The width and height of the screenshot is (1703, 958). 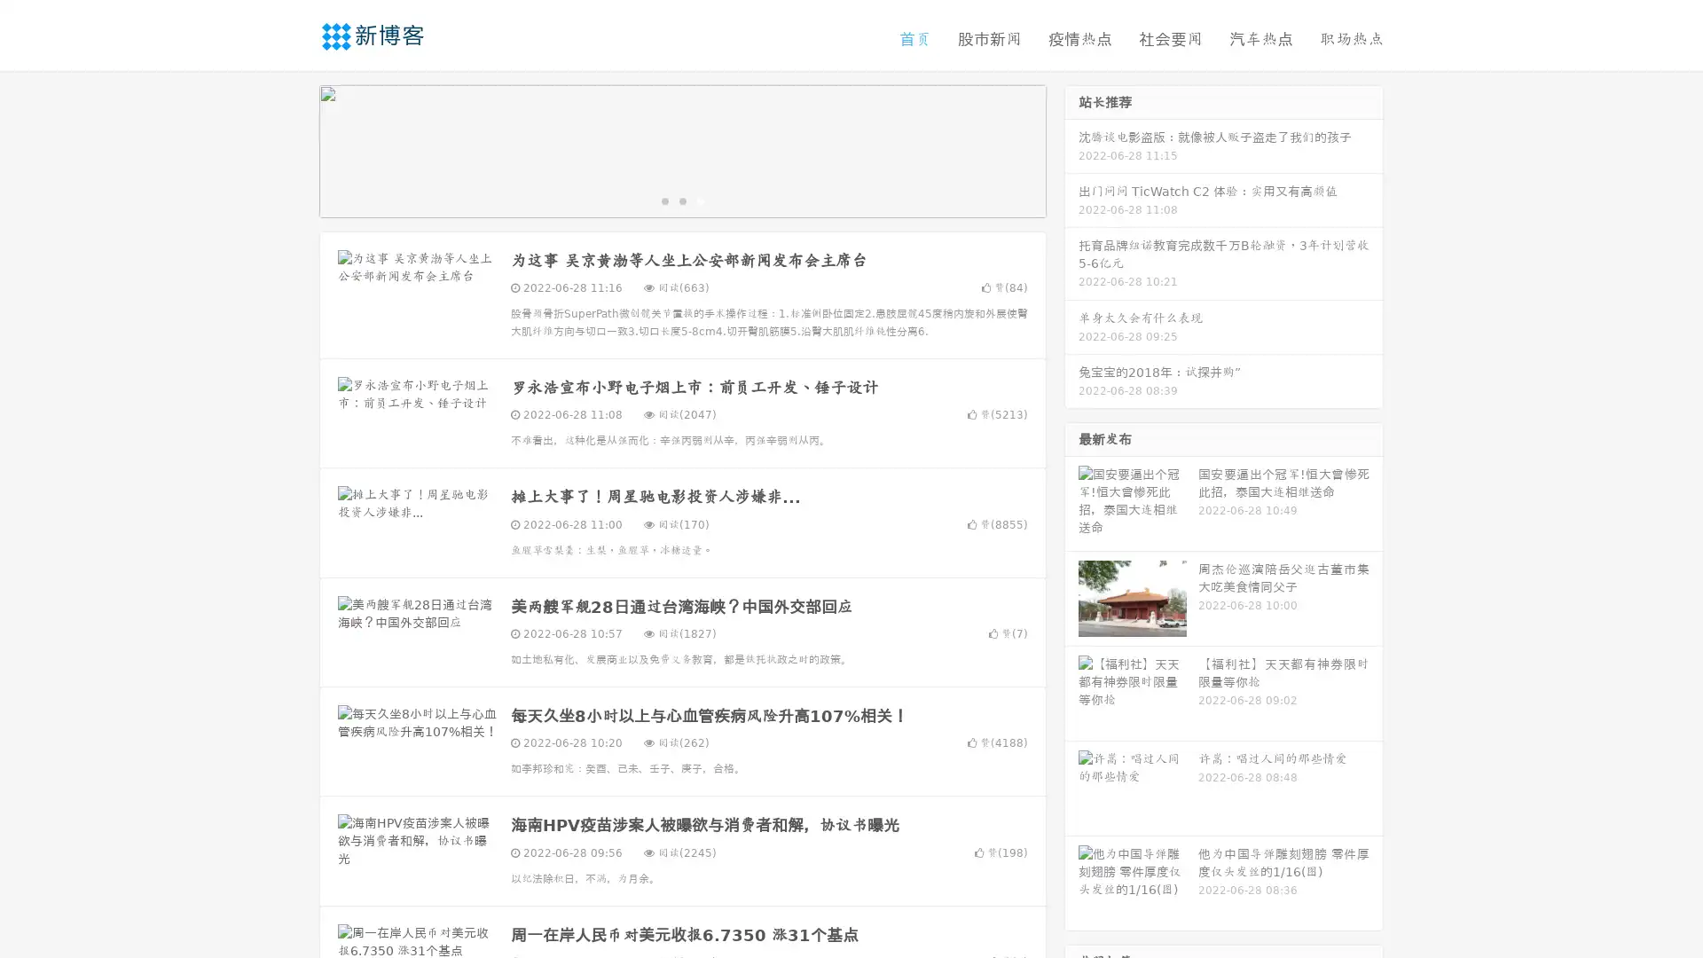 I want to click on Go to slide 3, so click(x=700, y=200).